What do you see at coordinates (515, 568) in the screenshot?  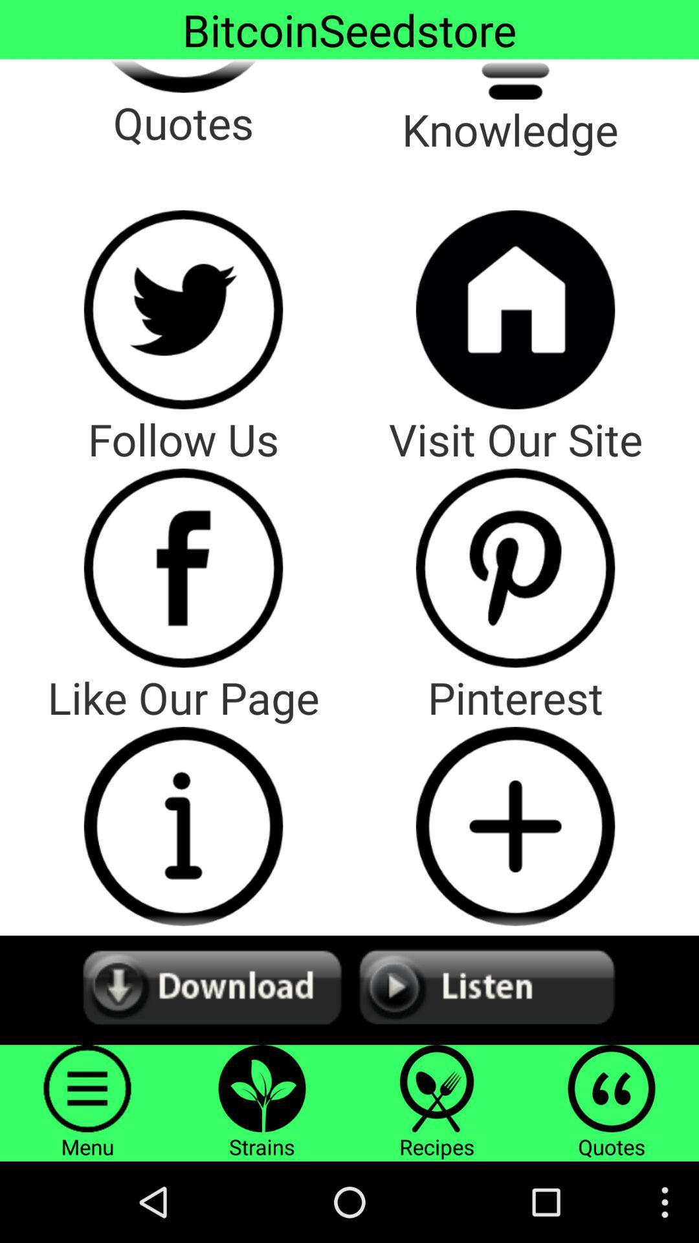 I see `visit the store 's pinterest page` at bounding box center [515, 568].